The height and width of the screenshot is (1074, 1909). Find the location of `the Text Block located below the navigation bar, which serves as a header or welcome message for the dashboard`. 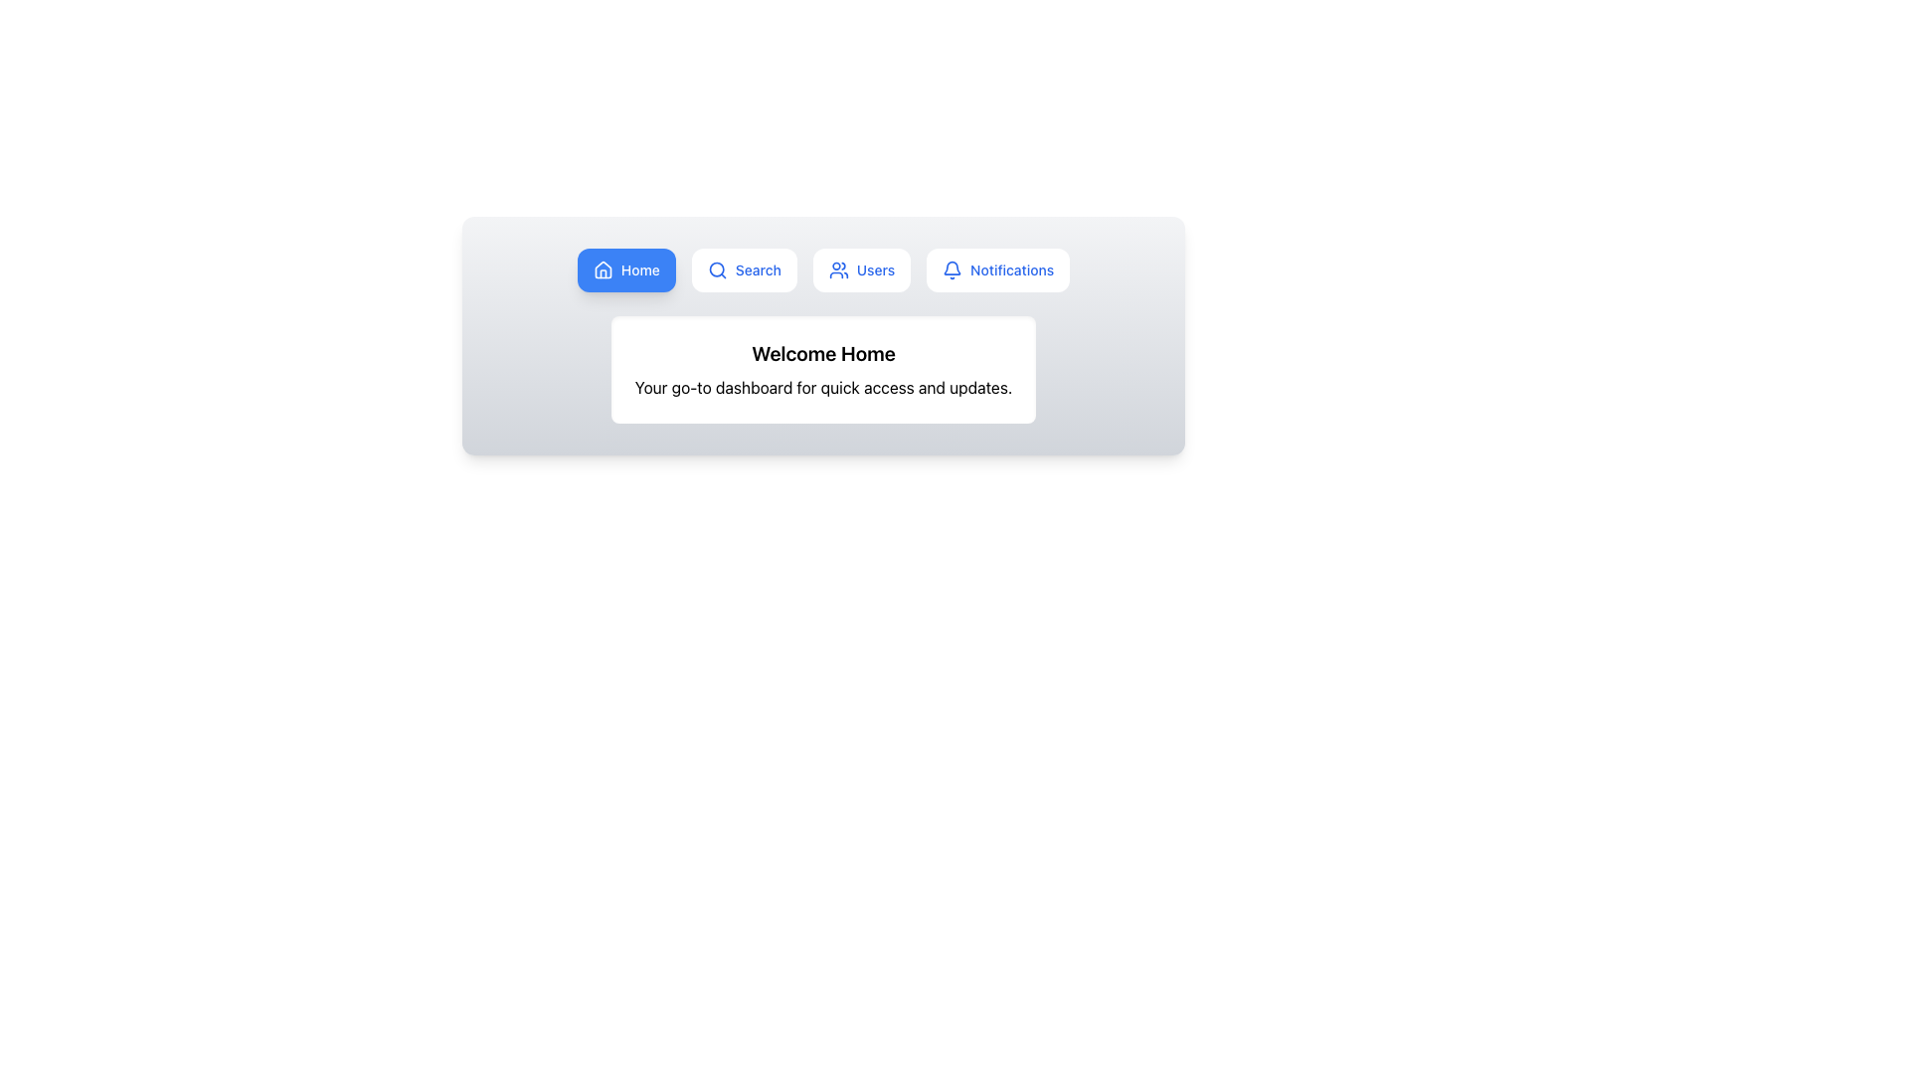

the Text Block located below the navigation bar, which serves as a header or welcome message for the dashboard is located at coordinates (823, 369).